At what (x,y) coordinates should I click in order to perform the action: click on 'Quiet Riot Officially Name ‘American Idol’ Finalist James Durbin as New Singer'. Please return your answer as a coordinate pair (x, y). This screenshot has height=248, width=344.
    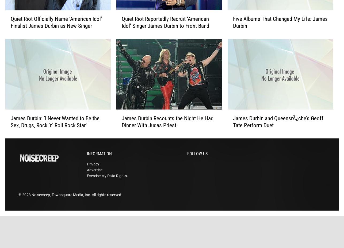
    Looking at the image, I should click on (10, 31).